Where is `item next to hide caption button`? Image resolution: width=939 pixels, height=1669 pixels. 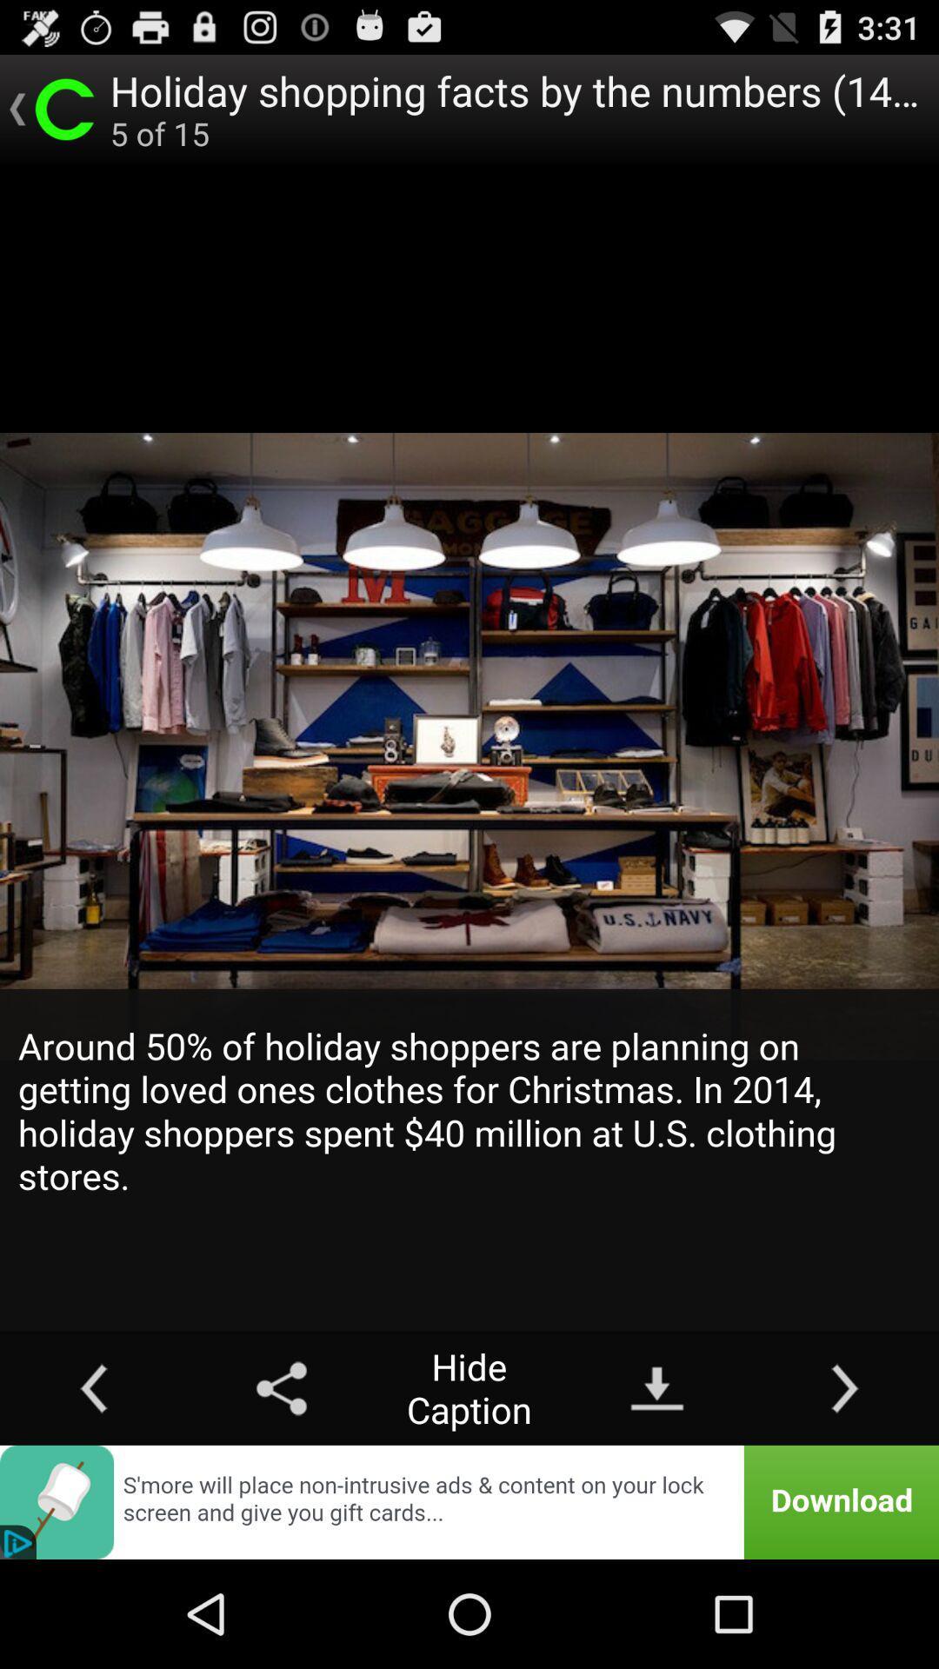 item next to hide caption button is located at coordinates (657, 1387).